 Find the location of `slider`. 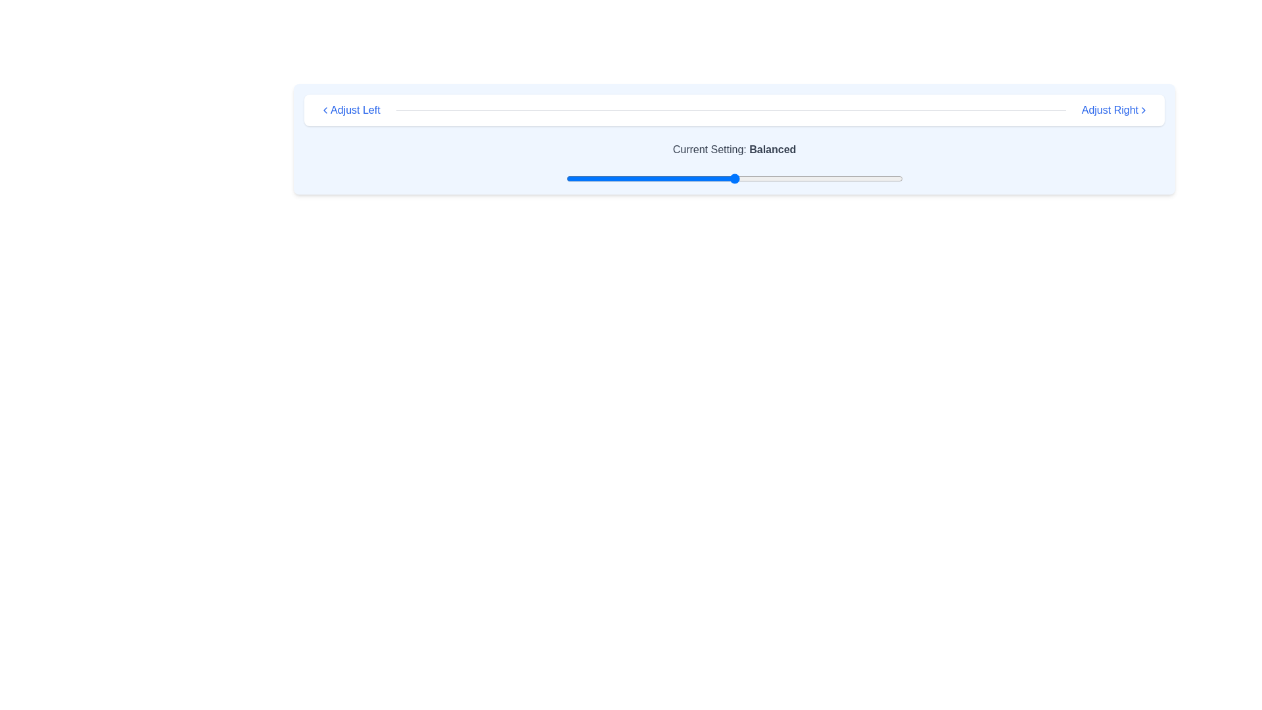

slider is located at coordinates (670, 179).